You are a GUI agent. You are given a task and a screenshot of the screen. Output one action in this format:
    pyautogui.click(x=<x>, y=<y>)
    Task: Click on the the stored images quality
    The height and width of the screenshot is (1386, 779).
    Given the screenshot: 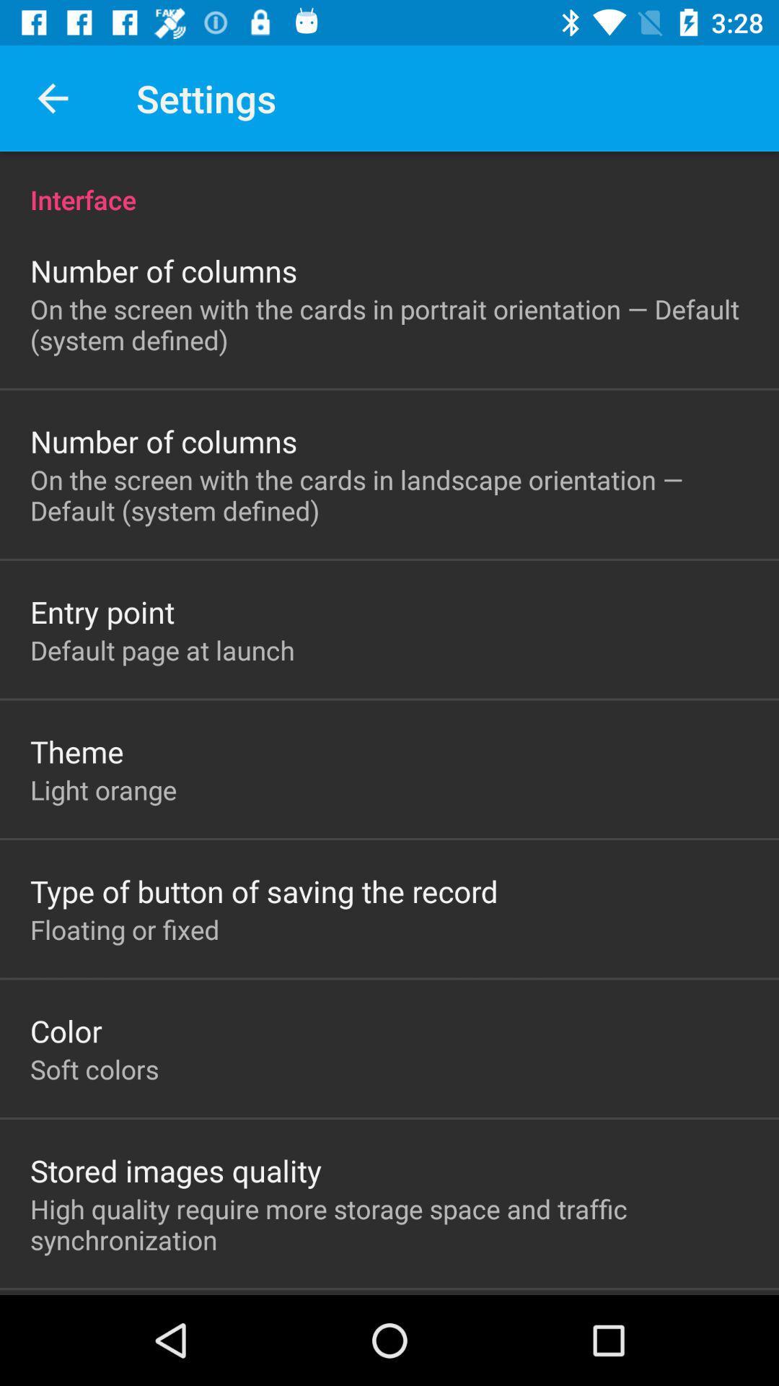 What is the action you would take?
    pyautogui.click(x=175, y=1170)
    